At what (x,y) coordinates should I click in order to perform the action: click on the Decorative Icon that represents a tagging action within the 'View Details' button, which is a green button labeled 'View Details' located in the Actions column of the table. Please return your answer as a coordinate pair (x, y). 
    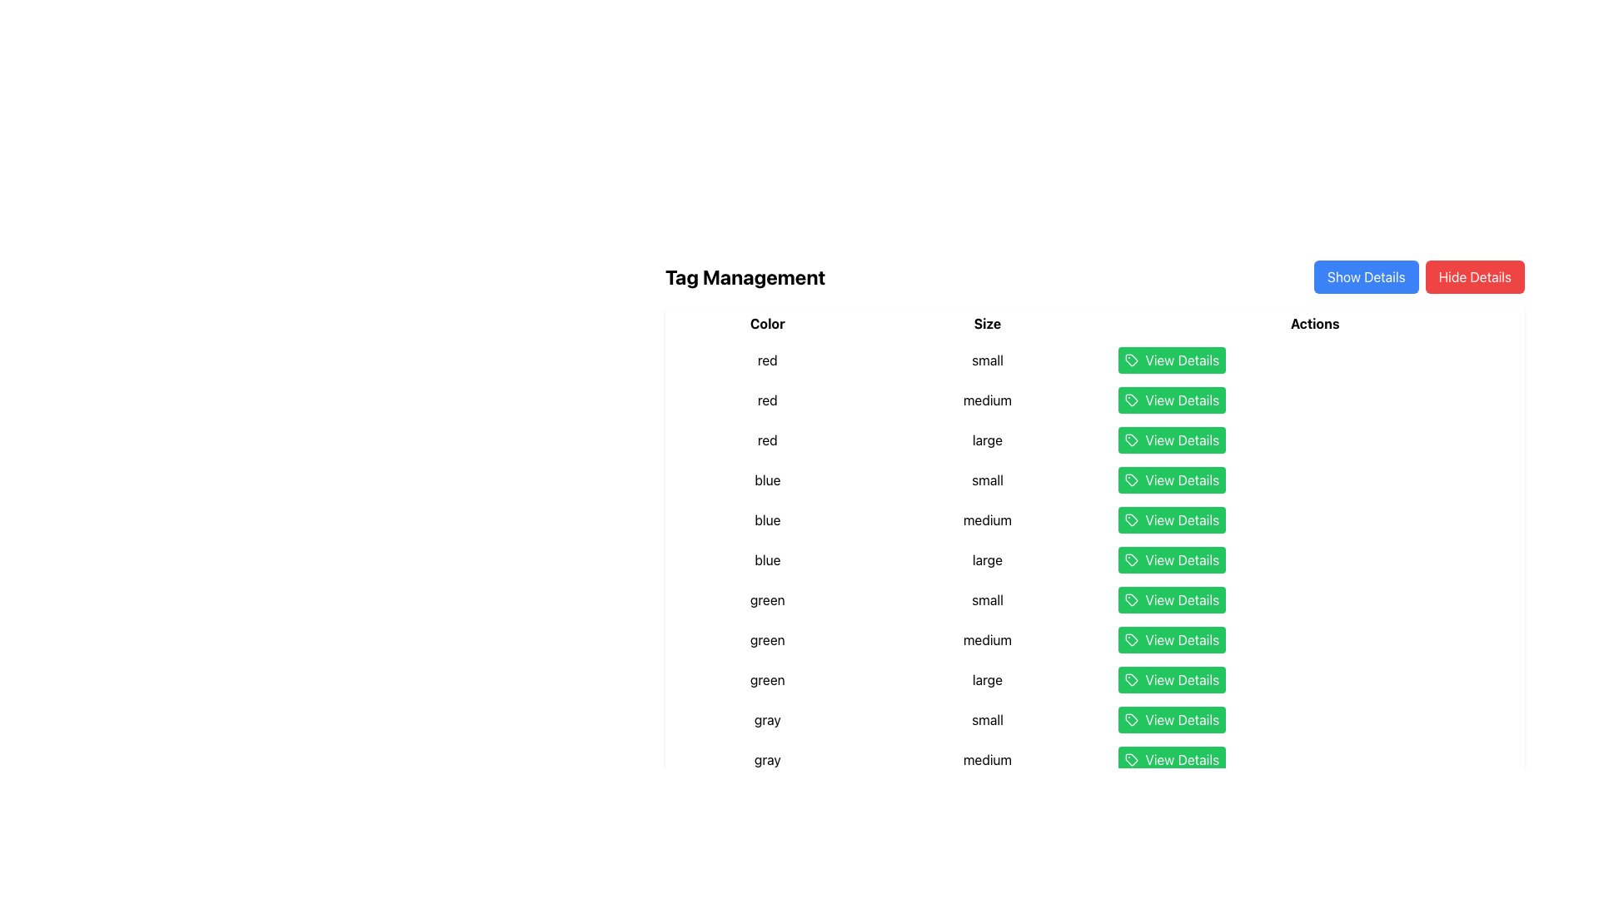
    Looking at the image, I should click on (1132, 519).